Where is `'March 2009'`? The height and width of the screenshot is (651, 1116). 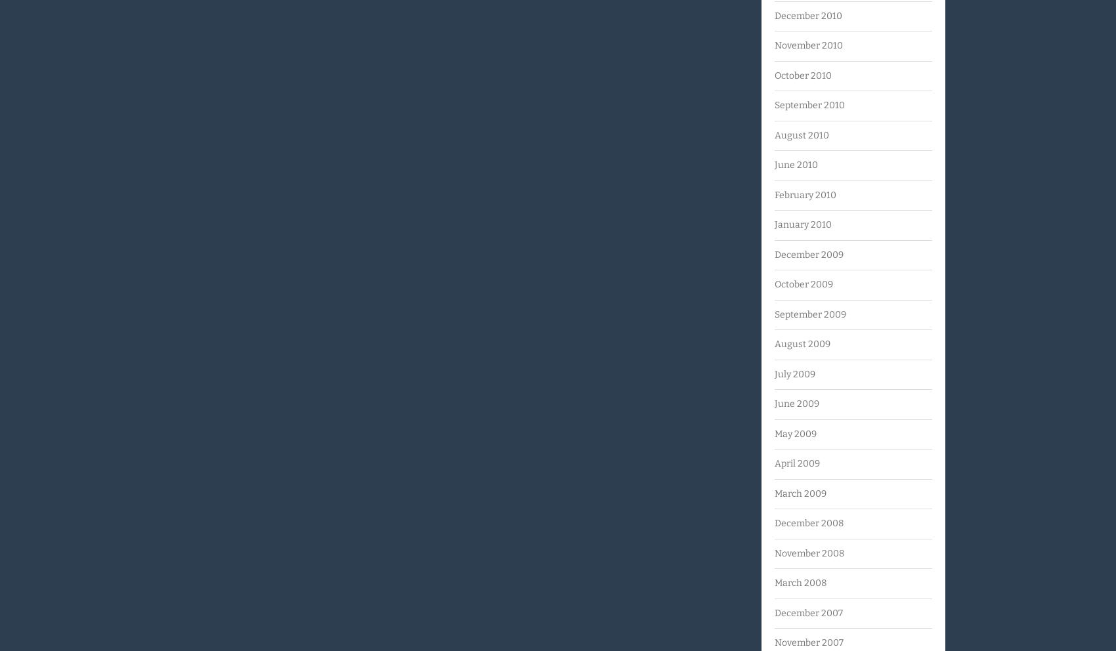
'March 2009' is located at coordinates (800, 492).